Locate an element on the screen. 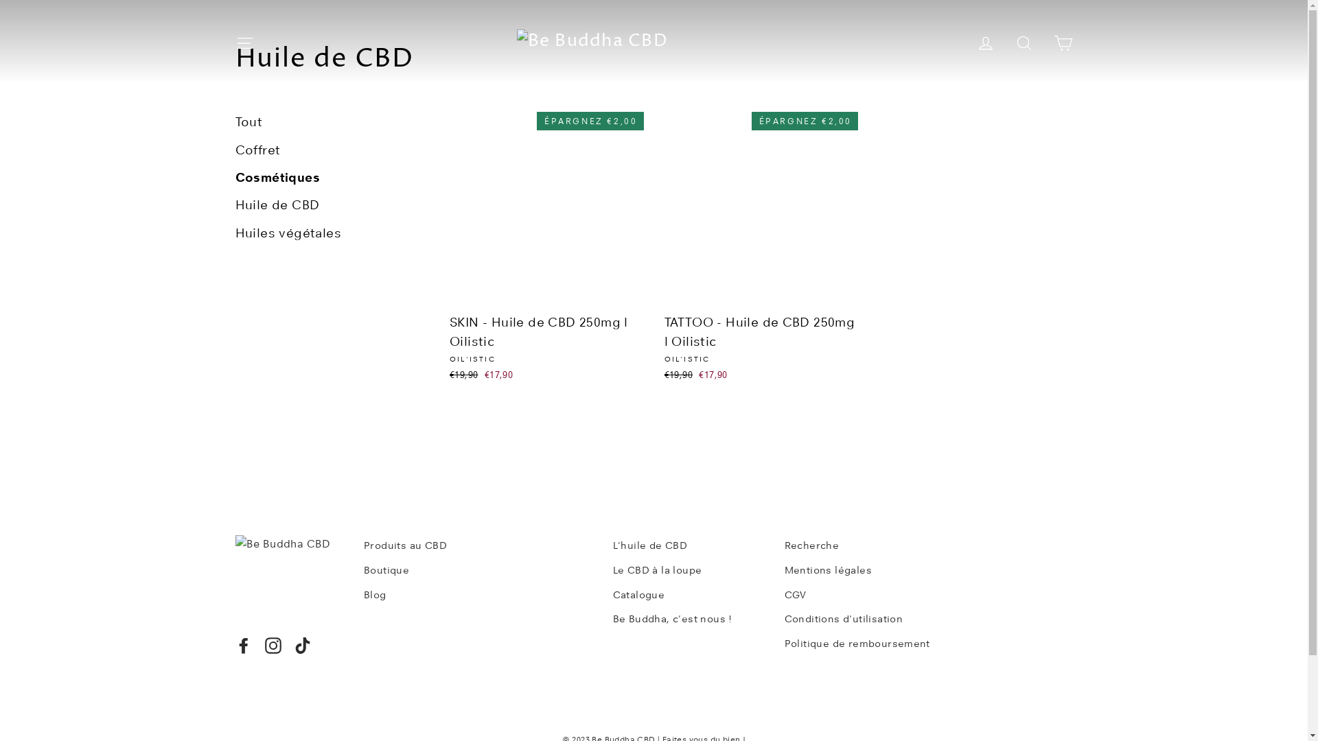  'Boutique' is located at coordinates (478, 571).